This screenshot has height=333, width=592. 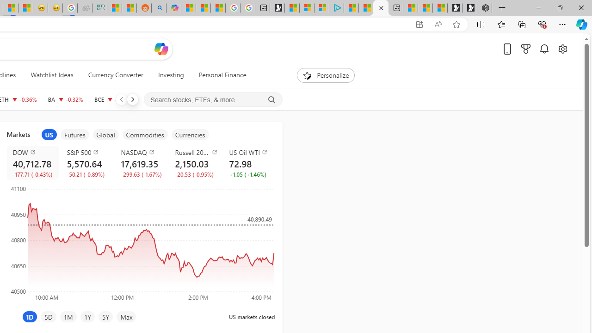 What do you see at coordinates (562, 24) in the screenshot?
I see `'Settings and more (Alt+F)'` at bounding box center [562, 24].